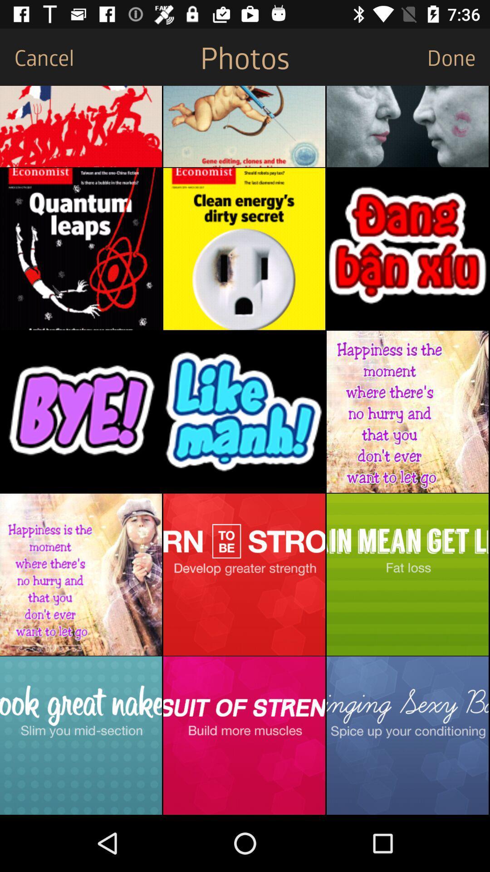 The width and height of the screenshot is (490, 872). I want to click on choose, so click(244, 574).